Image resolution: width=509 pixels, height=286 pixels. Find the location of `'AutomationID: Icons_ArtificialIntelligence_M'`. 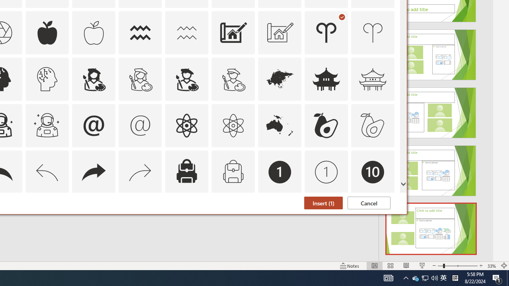

'AutomationID: Icons_ArtificialIntelligence_M' is located at coordinates (47, 79).